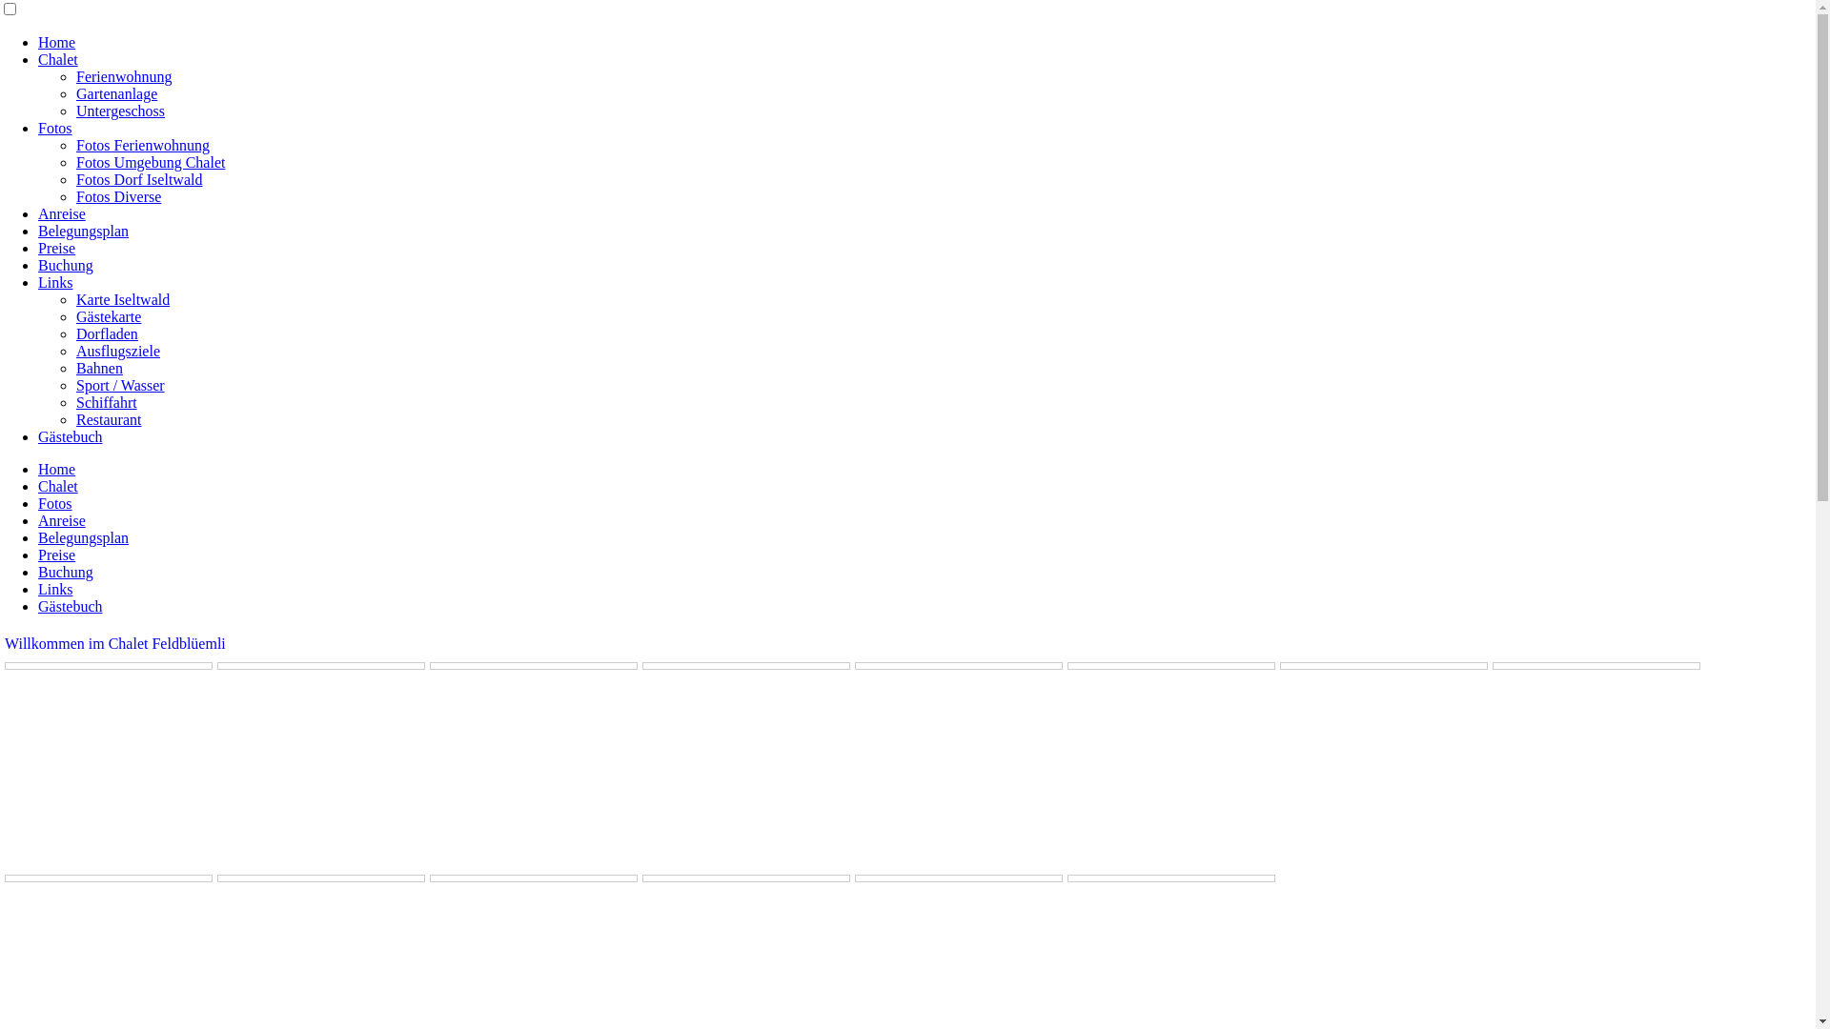 The width and height of the screenshot is (1830, 1029). What do you see at coordinates (56, 247) in the screenshot?
I see `'Preise'` at bounding box center [56, 247].